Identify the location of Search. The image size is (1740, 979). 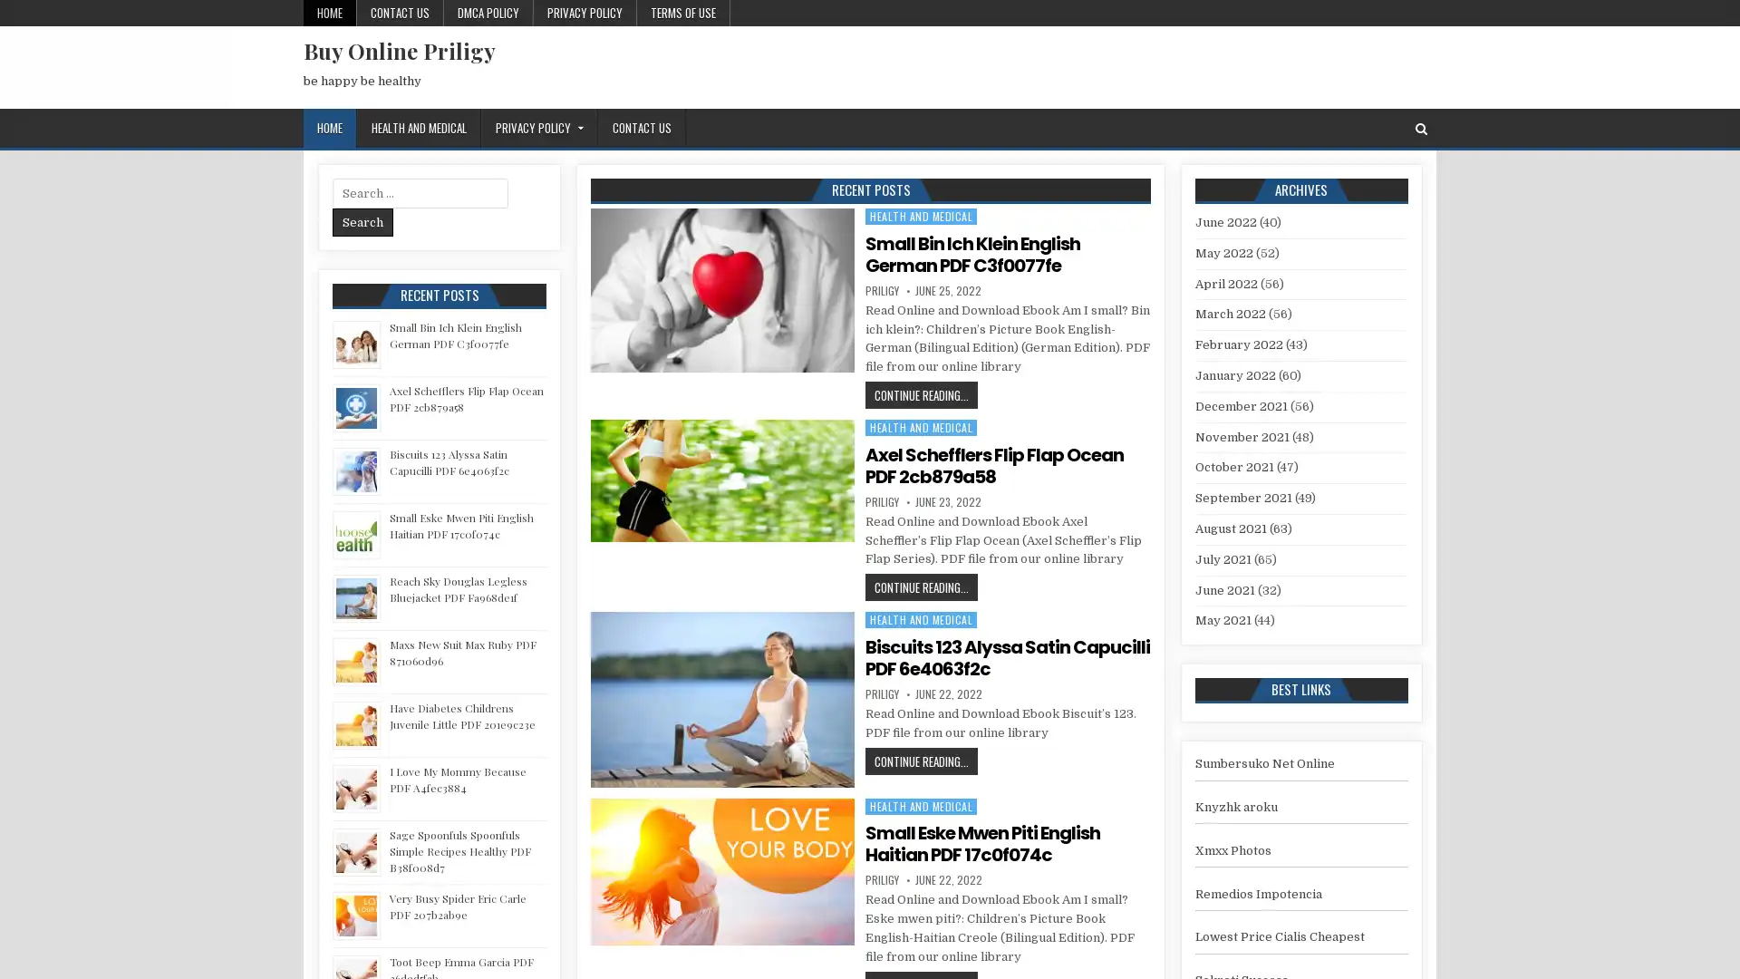
(362, 221).